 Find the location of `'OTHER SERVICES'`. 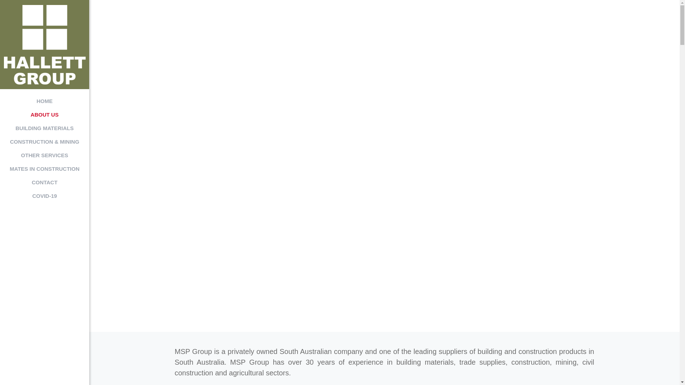

'OTHER SERVICES' is located at coordinates (44, 155).